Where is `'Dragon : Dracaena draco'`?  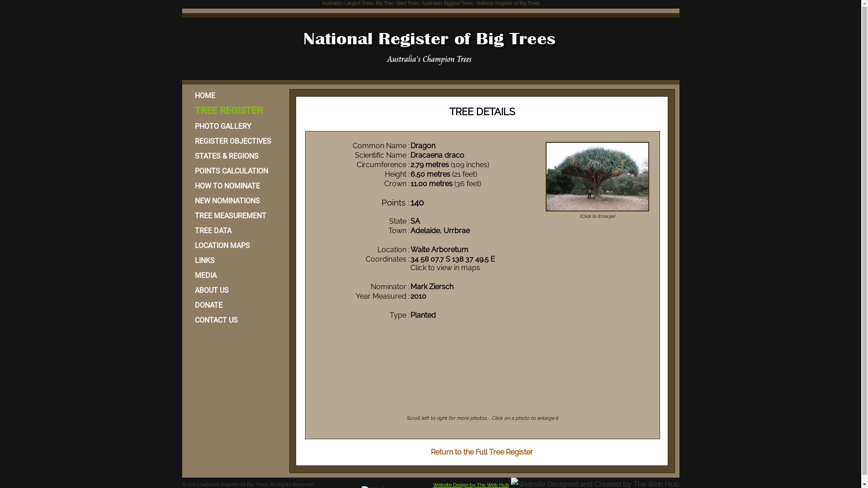 'Dragon : Dracaena draco' is located at coordinates (597, 176).